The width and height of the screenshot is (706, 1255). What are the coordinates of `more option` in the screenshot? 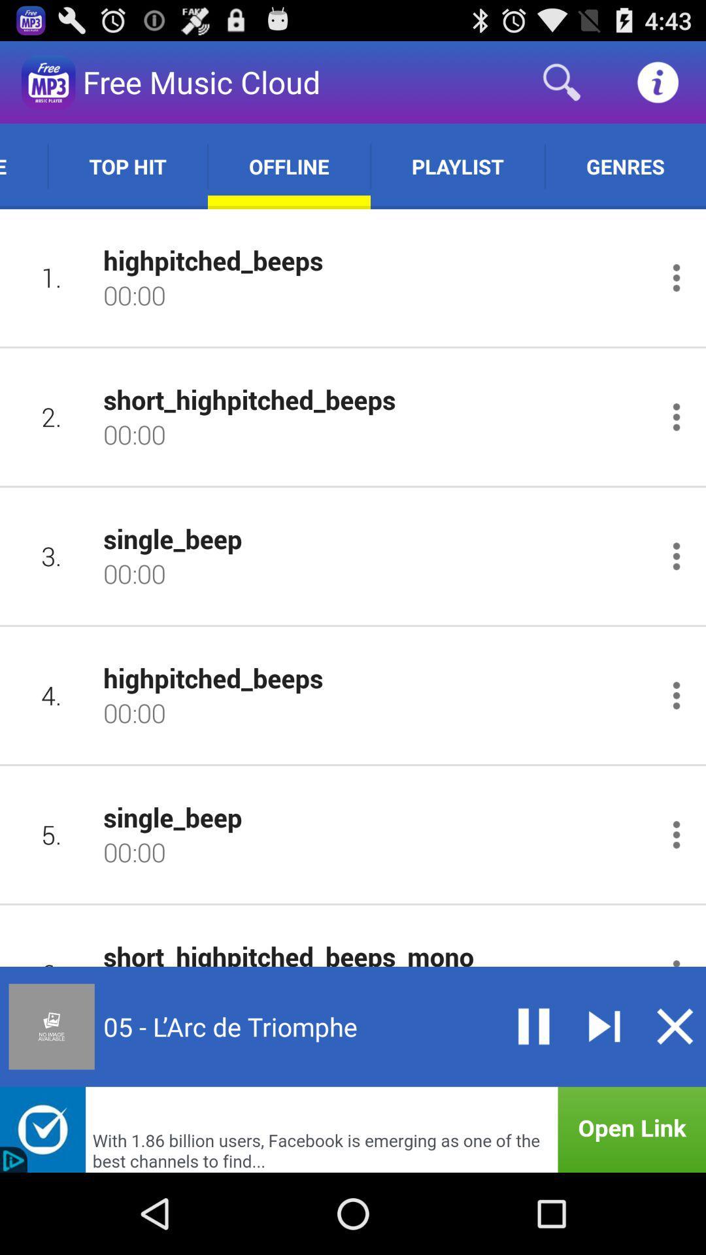 It's located at (676, 834).